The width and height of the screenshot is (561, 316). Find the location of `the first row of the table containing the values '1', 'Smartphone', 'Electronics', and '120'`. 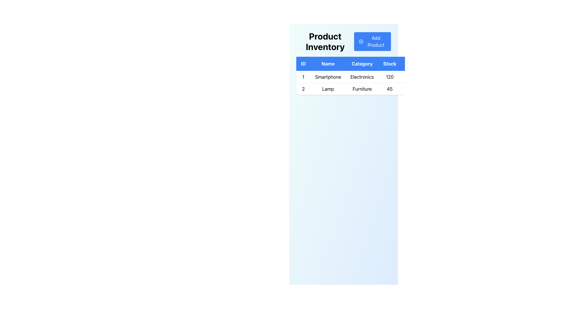

the first row of the table containing the values '1', 'Smartphone', 'Electronics', and '120' is located at coordinates (361, 76).